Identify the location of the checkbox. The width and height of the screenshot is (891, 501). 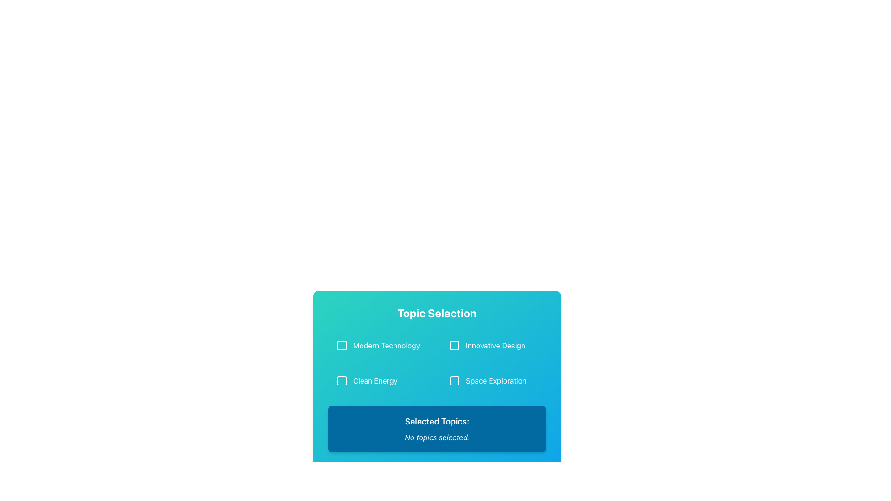
(342, 345).